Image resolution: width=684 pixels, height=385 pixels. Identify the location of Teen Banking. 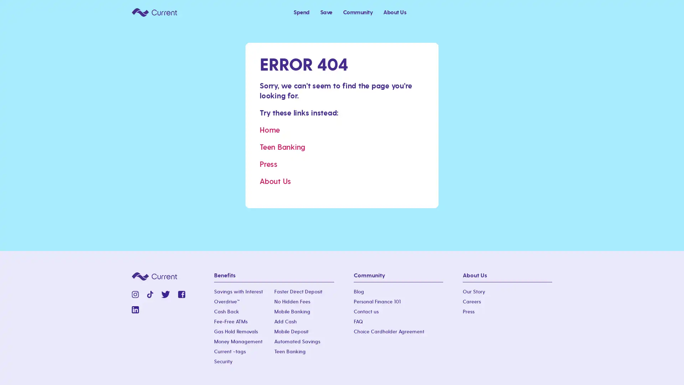
(289, 351).